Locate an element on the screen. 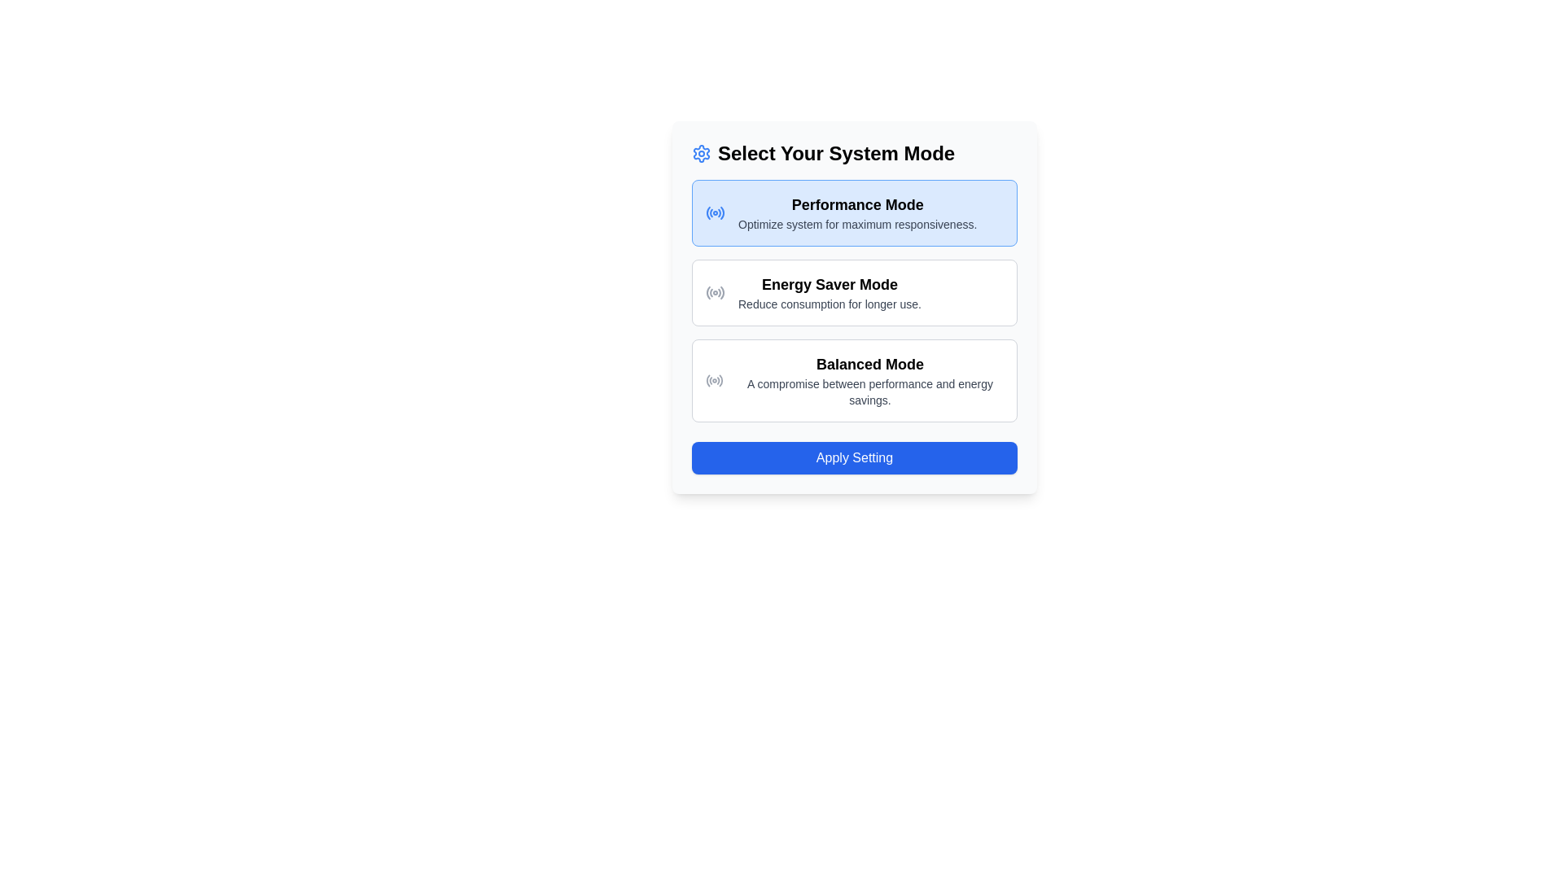  the selectable option titled 'Performance Mode' with the description 'Optimize system for maximum responsiveness.' which is displayed on a light blue background card in the second row of the UI is located at coordinates (856, 212).